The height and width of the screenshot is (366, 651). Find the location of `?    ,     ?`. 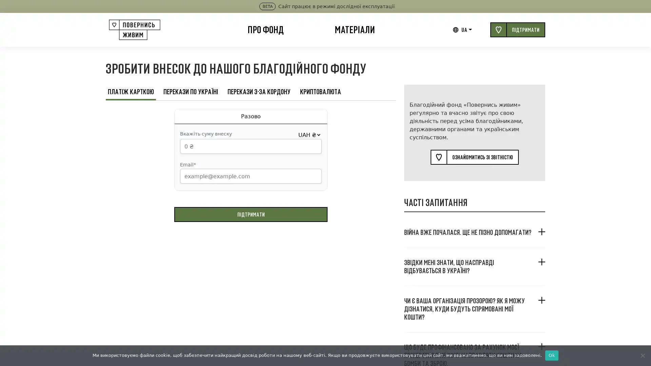

?    ,     ? is located at coordinates (474, 308).